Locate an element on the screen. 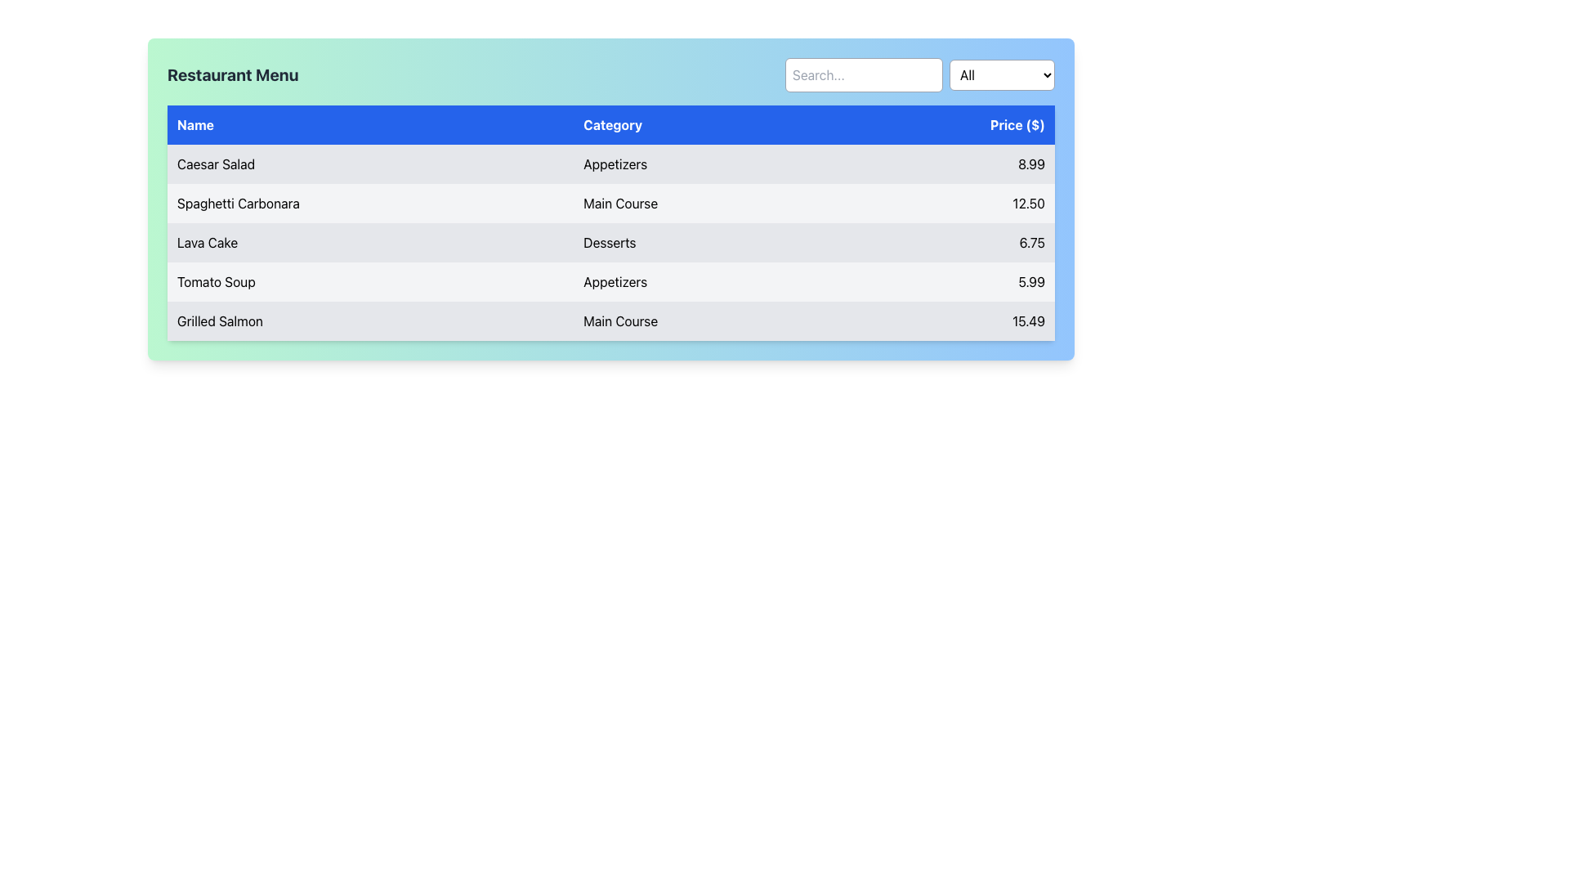 The width and height of the screenshot is (1569, 883). the table header row containing the columns labeled 'Name', 'Category', and 'Price ($)' which has a blue background and white text is located at coordinates (610, 124).